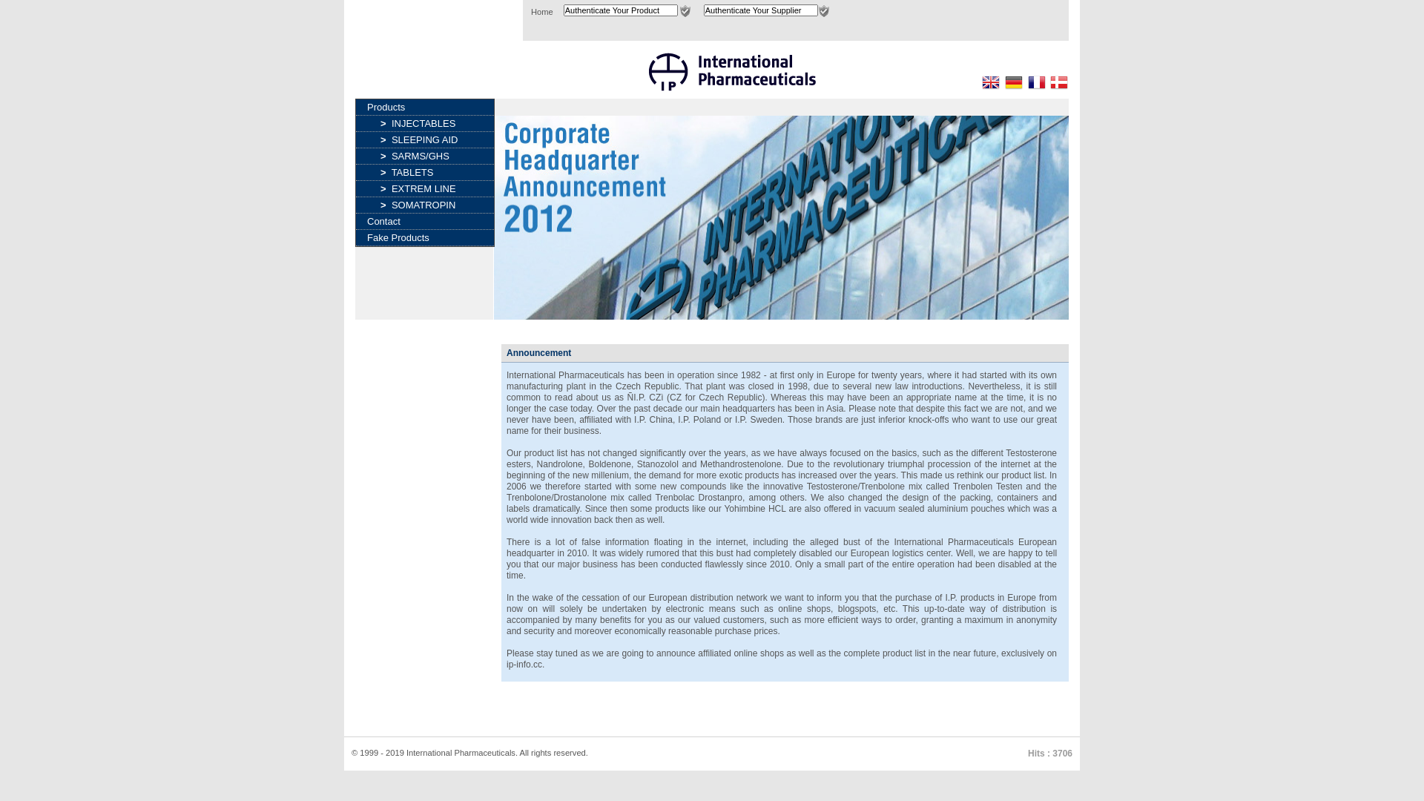  I want to click on '     >  SOMATROPIN', so click(424, 205).